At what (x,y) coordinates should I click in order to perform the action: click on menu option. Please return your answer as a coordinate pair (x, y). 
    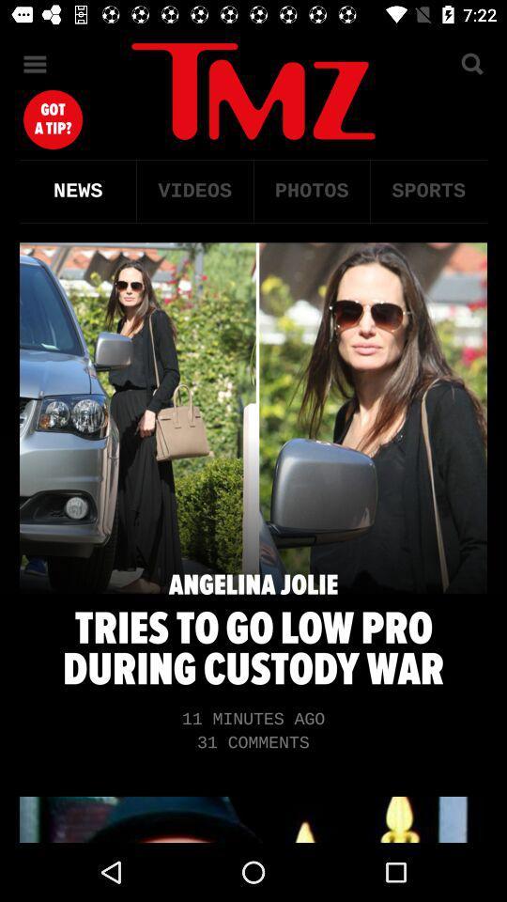
    Looking at the image, I should click on (35, 64).